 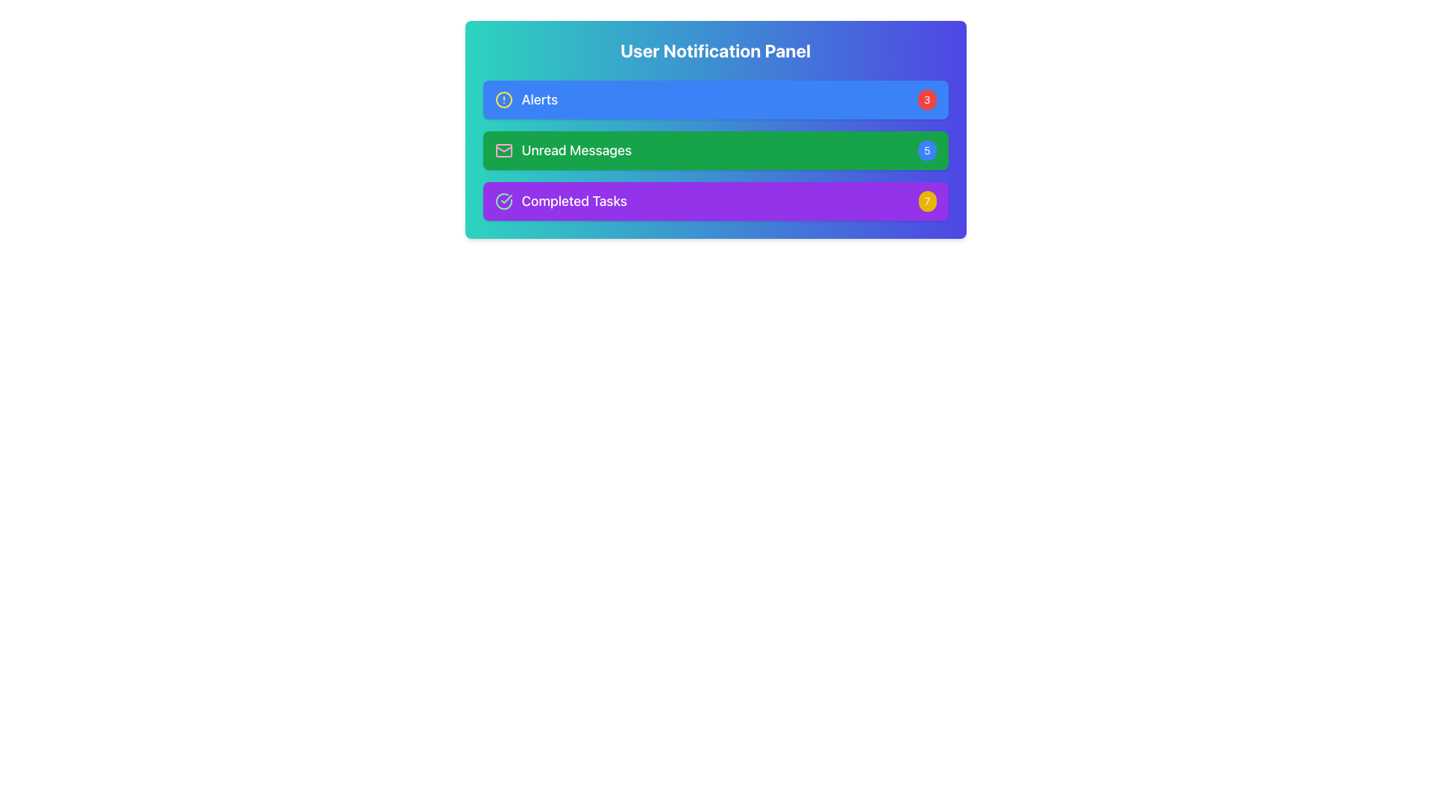 What do you see at coordinates (538, 100) in the screenshot?
I see `the text label that serves as the title for the topmost notification item in the notification panel for navigation or further interaction` at bounding box center [538, 100].